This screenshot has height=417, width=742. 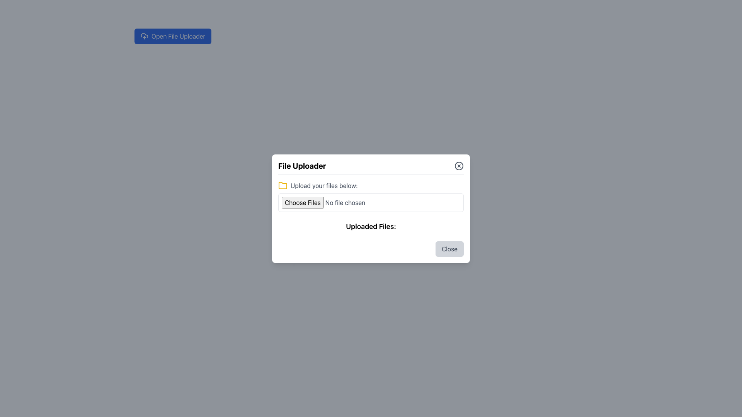 I want to click on the file upload icon located to the immediate left of the text 'Upload your files below:' in the 'File Uploader' dialog box, so click(x=282, y=185).